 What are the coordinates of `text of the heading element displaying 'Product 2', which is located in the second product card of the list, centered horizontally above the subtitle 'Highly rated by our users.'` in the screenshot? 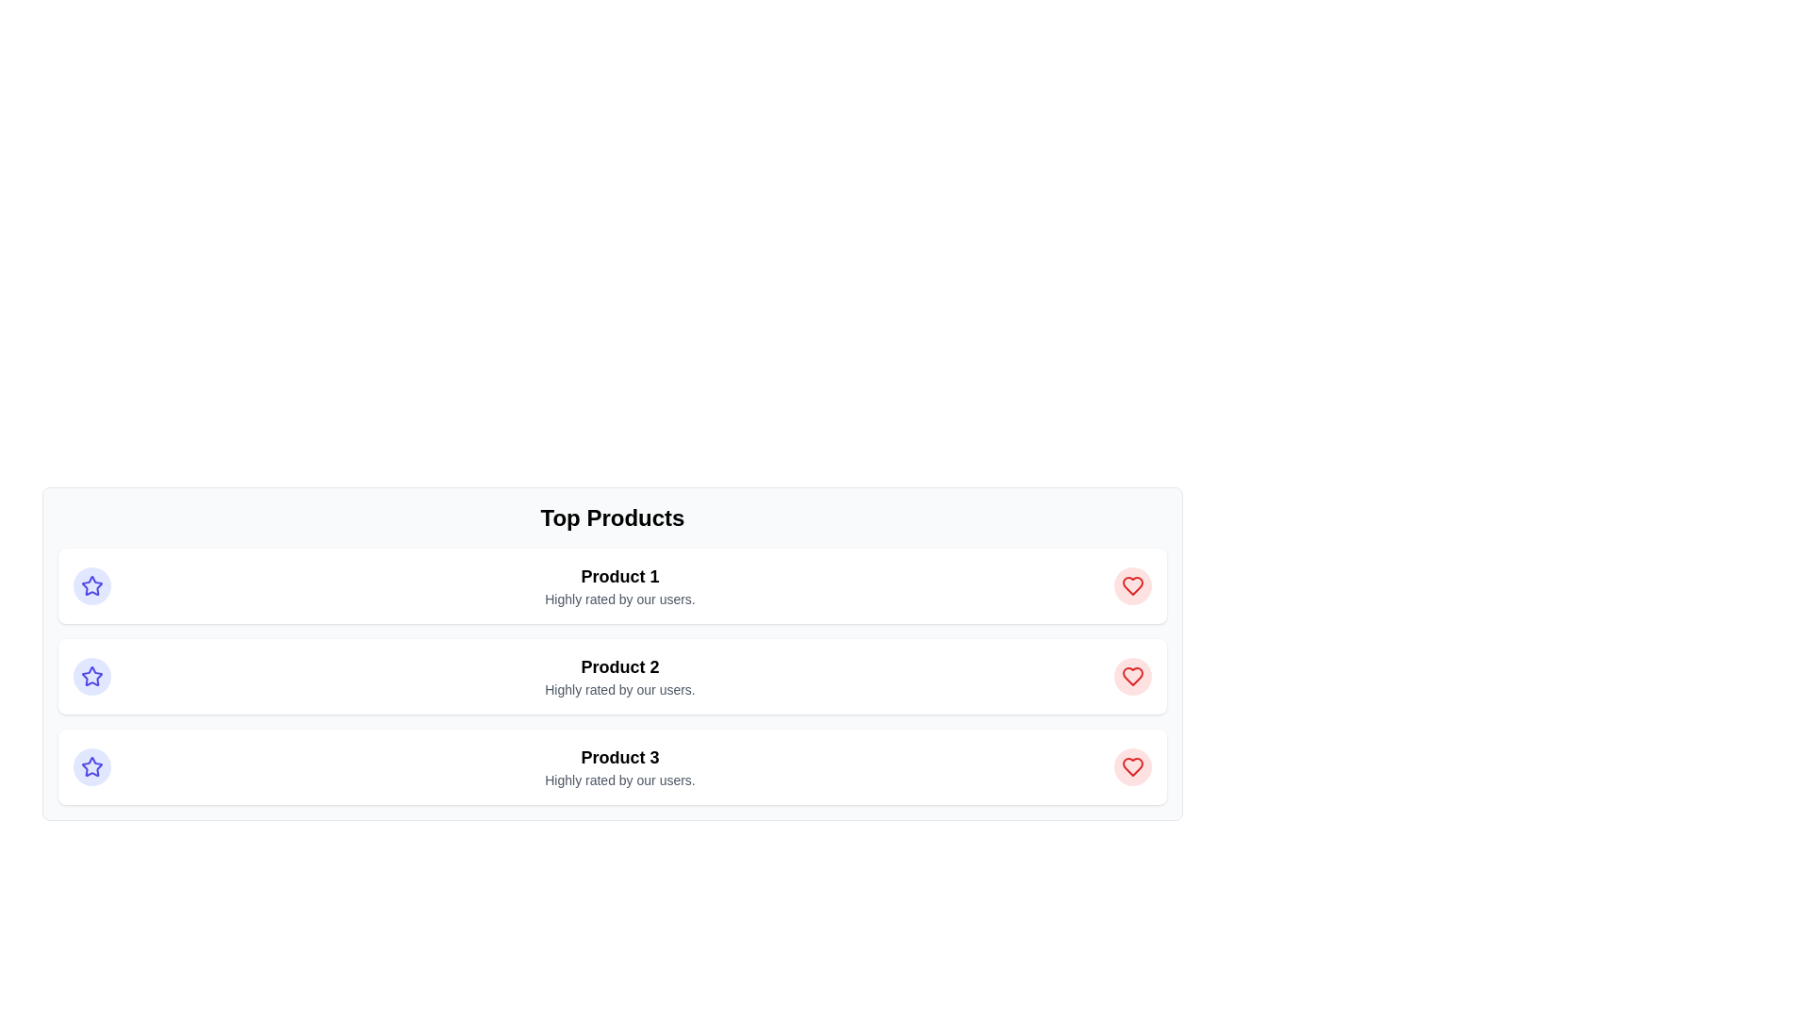 It's located at (619, 666).